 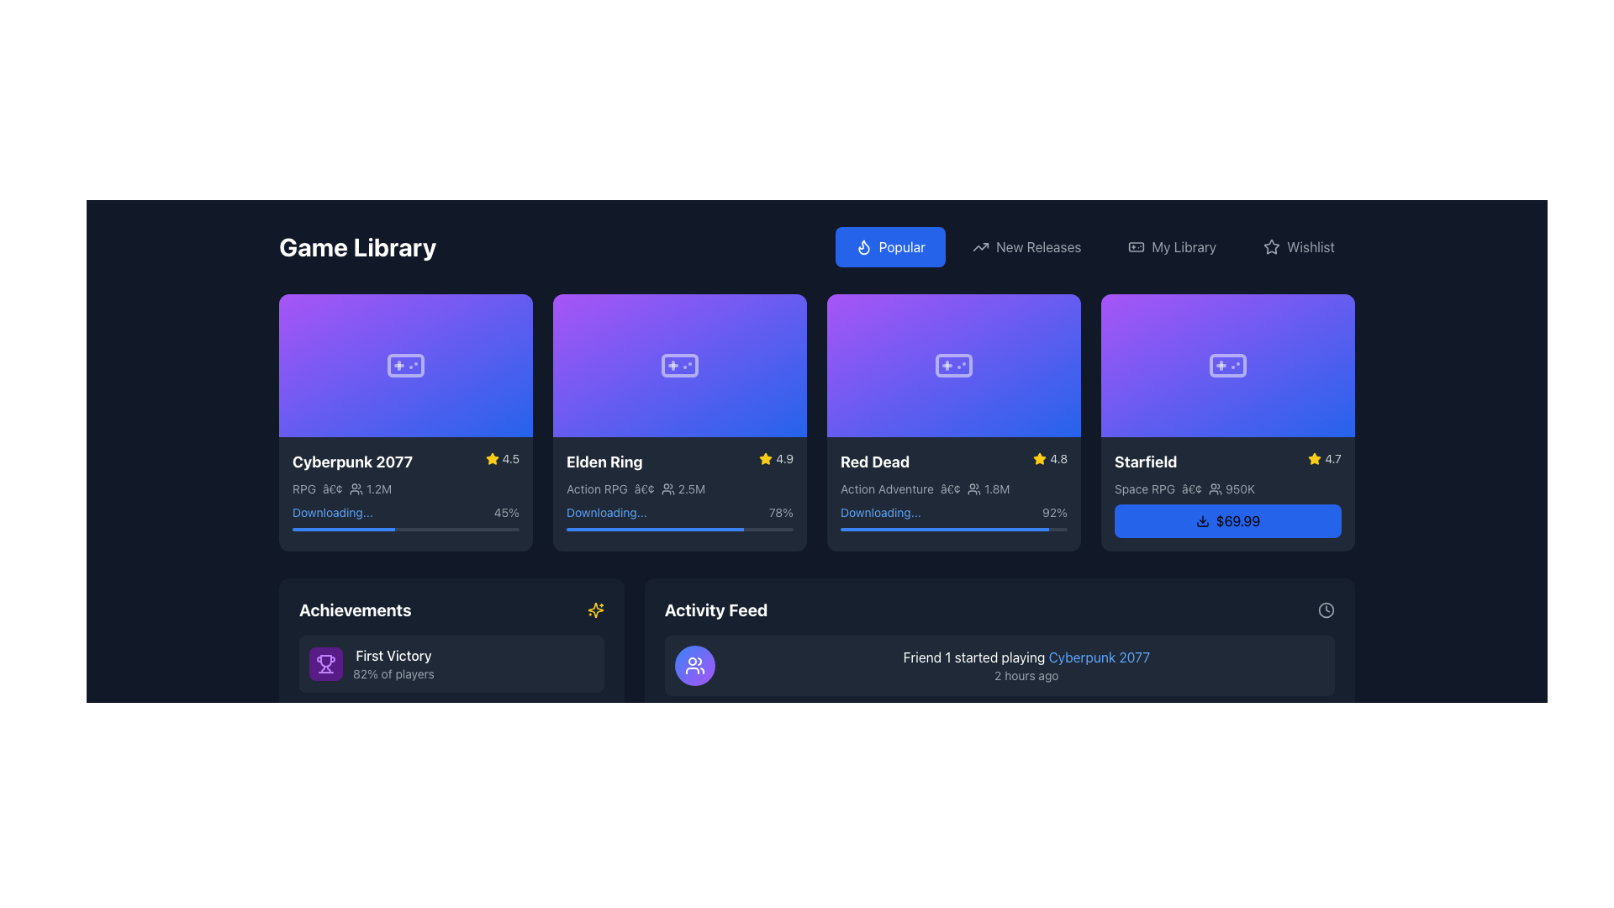 What do you see at coordinates (1227, 488) in the screenshot?
I see `the text element displaying 'Space RPG • 950K' located above the blue button in the 'Starfield' card within the 'Game Library' section` at bounding box center [1227, 488].